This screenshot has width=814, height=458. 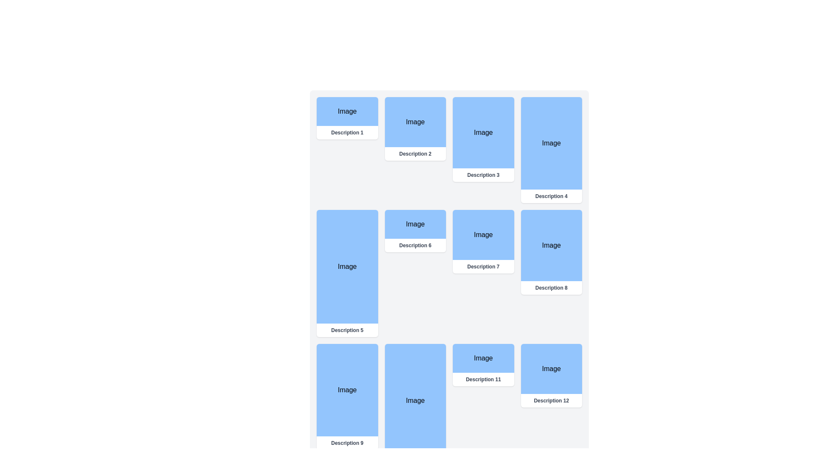 I want to click on the Descriptive Card that has a light blue background with the text 'Image' in black and 'Description 5' in gray below it, located in the second row of the grid layout, so click(x=347, y=273).